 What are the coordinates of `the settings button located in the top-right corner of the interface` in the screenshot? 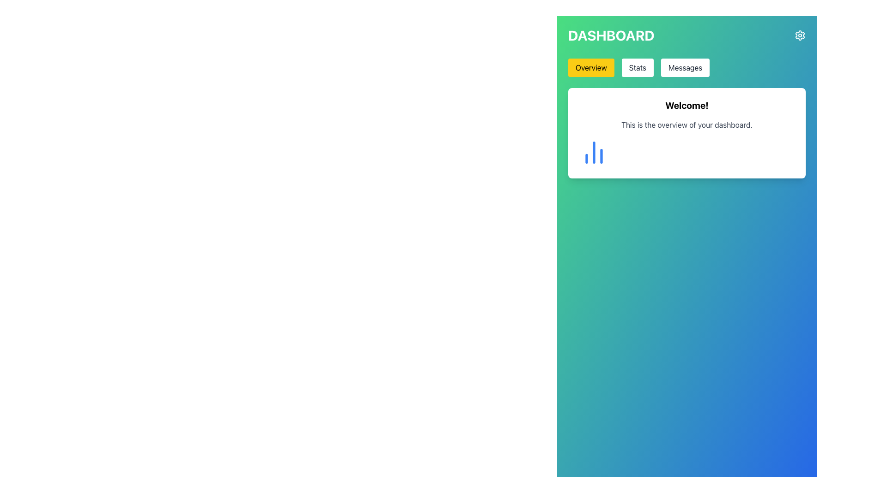 It's located at (800, 35).